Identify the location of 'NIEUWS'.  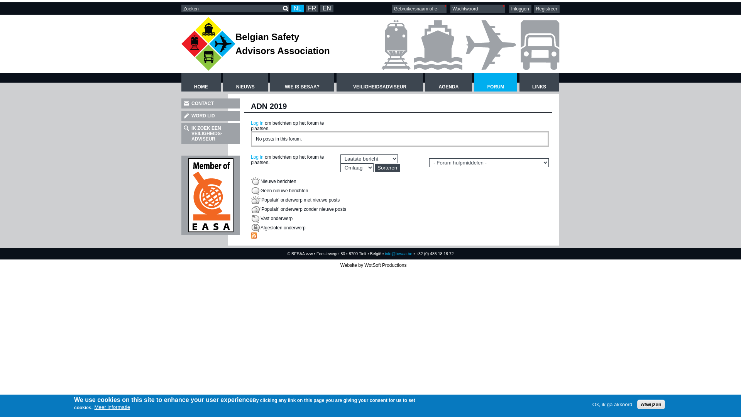
(245, 82).